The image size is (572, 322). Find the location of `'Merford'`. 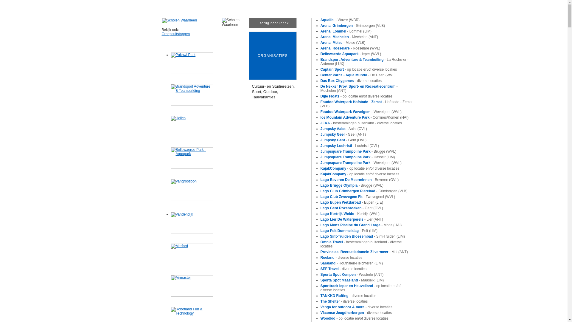

'Merford' is located at coordinates (192, 254).